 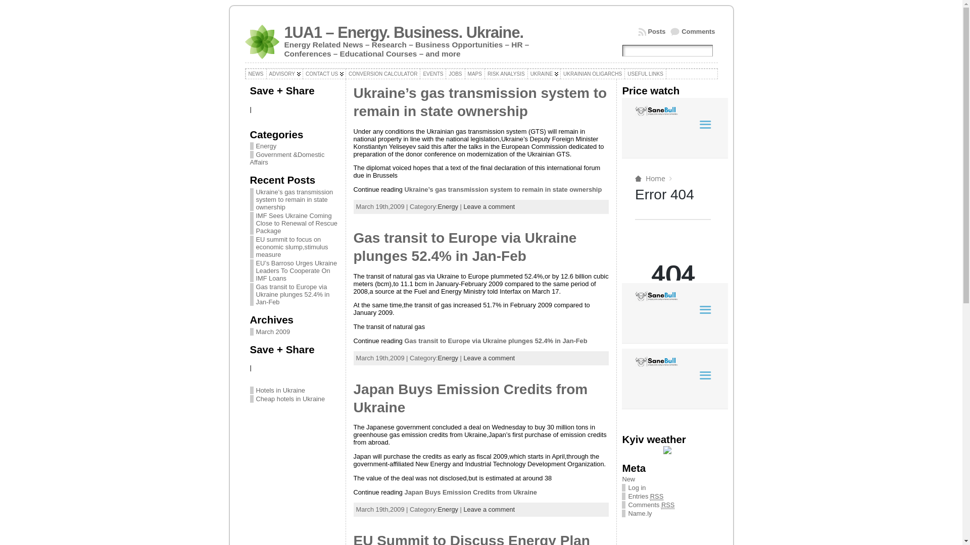 I want to click on 'Hotels in Ukraine', so click(x=280, y=390).